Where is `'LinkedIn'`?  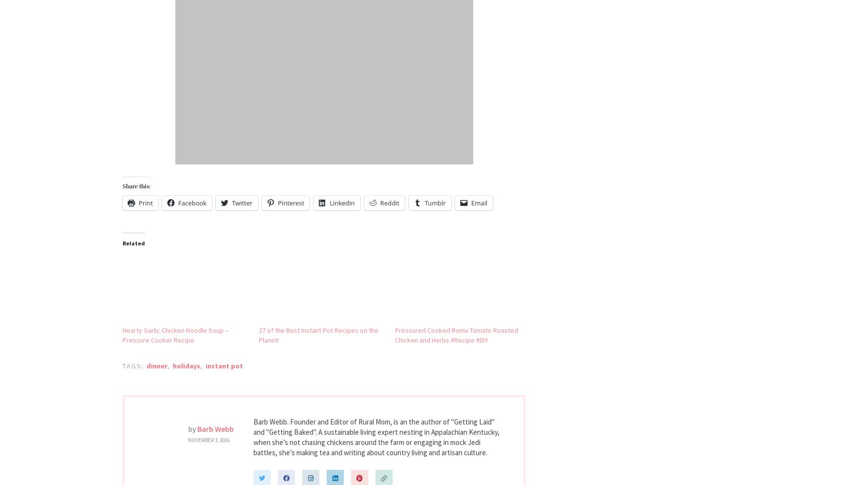
'LinkedIn' is located at coordinates (329, 202).